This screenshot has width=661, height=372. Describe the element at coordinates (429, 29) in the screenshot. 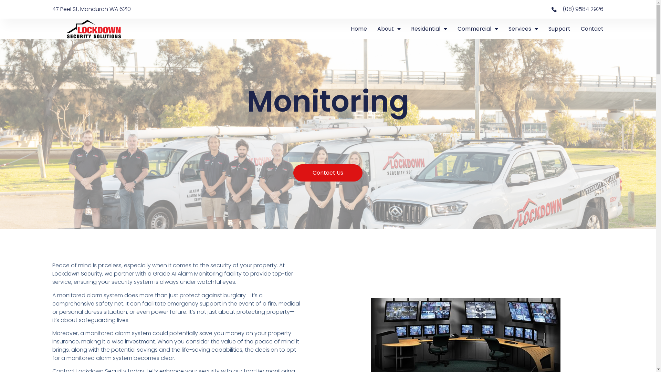

I see `'Residential'` at that location.